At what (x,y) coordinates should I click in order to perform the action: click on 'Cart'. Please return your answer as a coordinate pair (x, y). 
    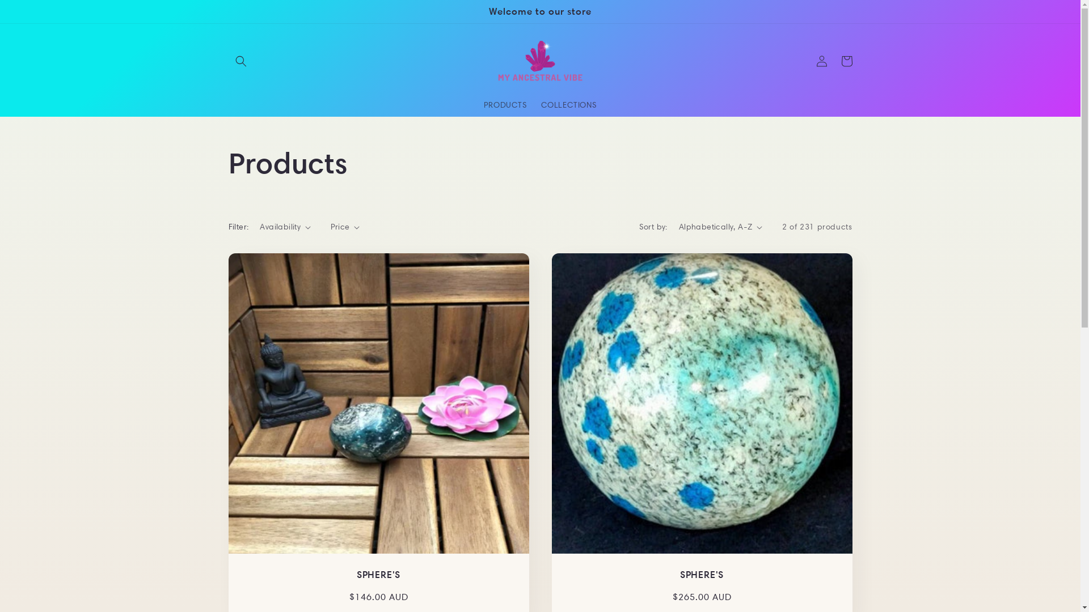
    Looking at the image, I should click on (833, 61).